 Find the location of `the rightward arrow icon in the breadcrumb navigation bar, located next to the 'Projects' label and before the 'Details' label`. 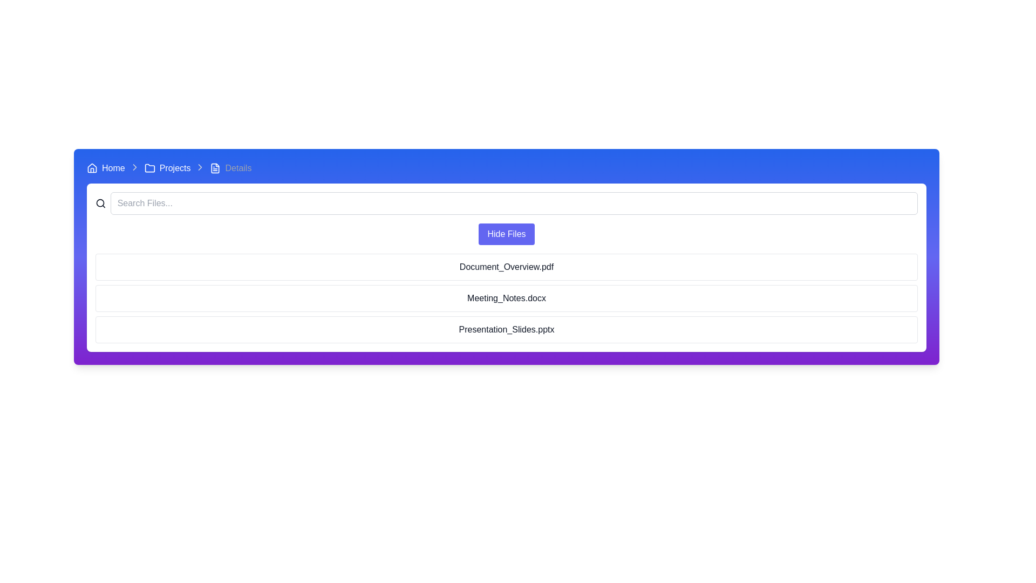

the rightward arrow icon in the breadcrumb navigation bar, located next to the 'Projects' label and before the 'Details' label is located at coordinates (200, 167).